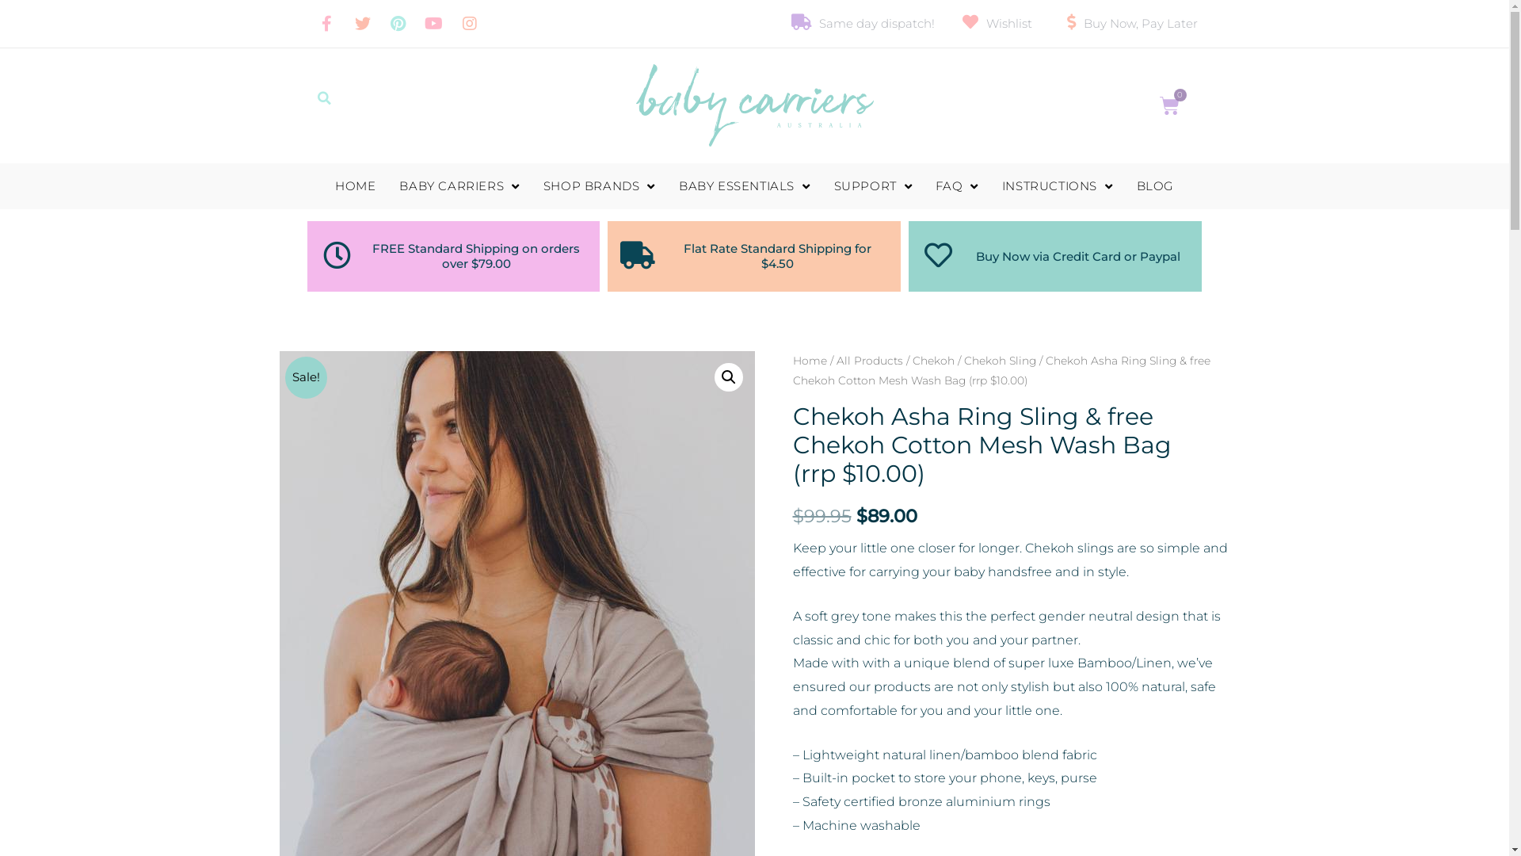 This screenshot has width=1521, height=856. What do you see at coordinates (354, 185) in the screenshot?
I see `'HOME'` at bounding box center [354, 185].